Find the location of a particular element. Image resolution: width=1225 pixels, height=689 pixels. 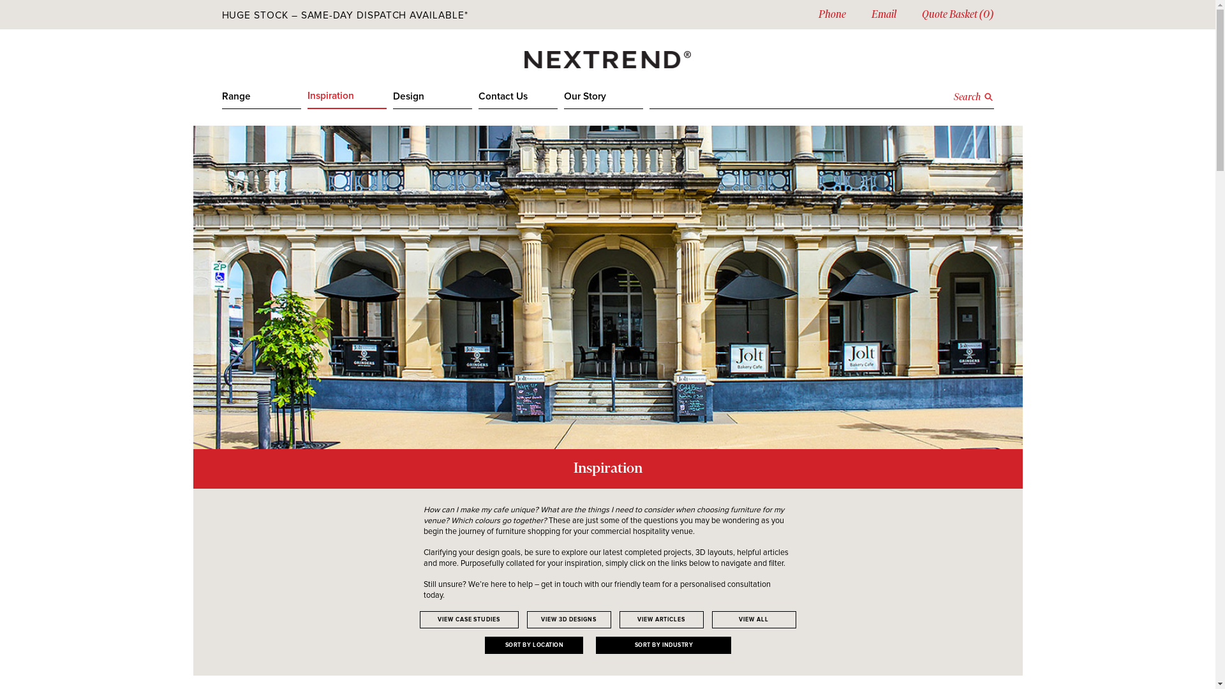

'Range' is located at coordinates (260, 100).